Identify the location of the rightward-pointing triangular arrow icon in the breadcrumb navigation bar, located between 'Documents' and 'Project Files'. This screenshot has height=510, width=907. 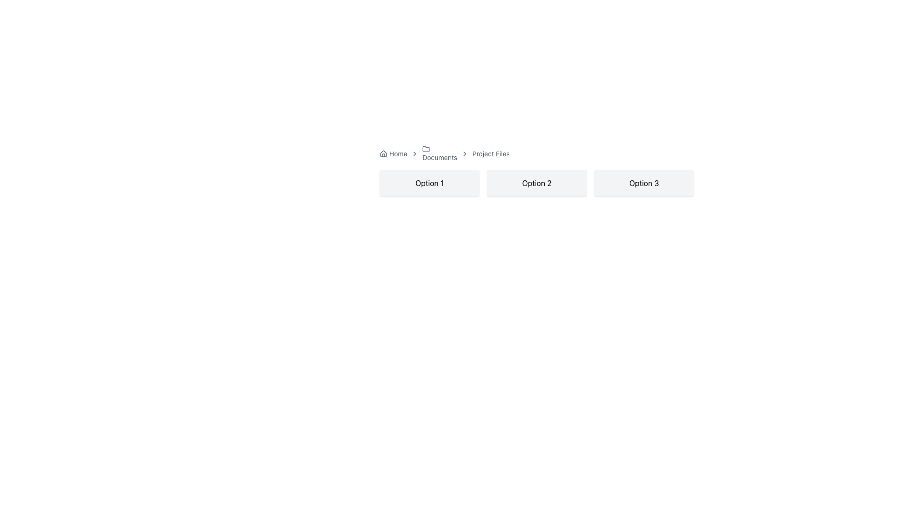
(464, 153).